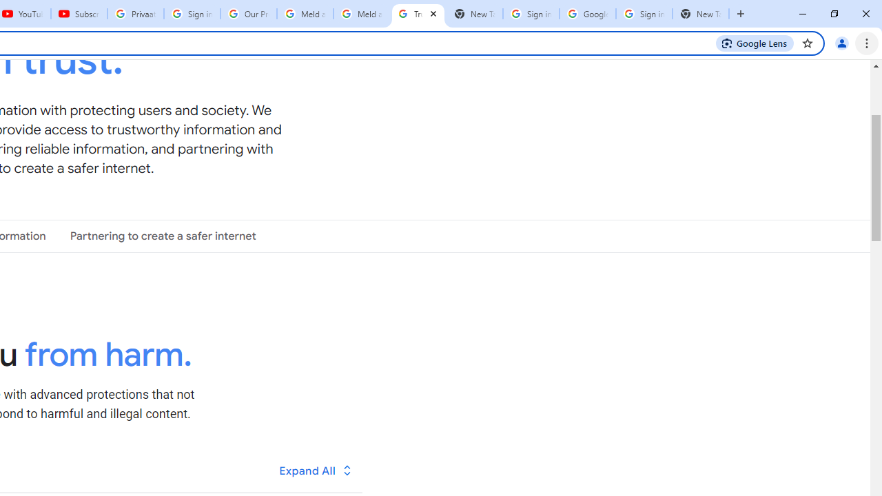  Describe the element at coordinates (79, 14) in the screenshot. I see `'Subscriptions - YouTube'` at that location.